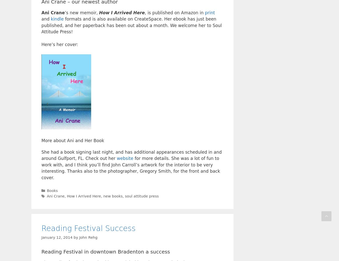  What do you see at coordinates (72, 140) in the screenshot?
I see `'More about Ani and Her Book'` at bounding box center [72, 140].